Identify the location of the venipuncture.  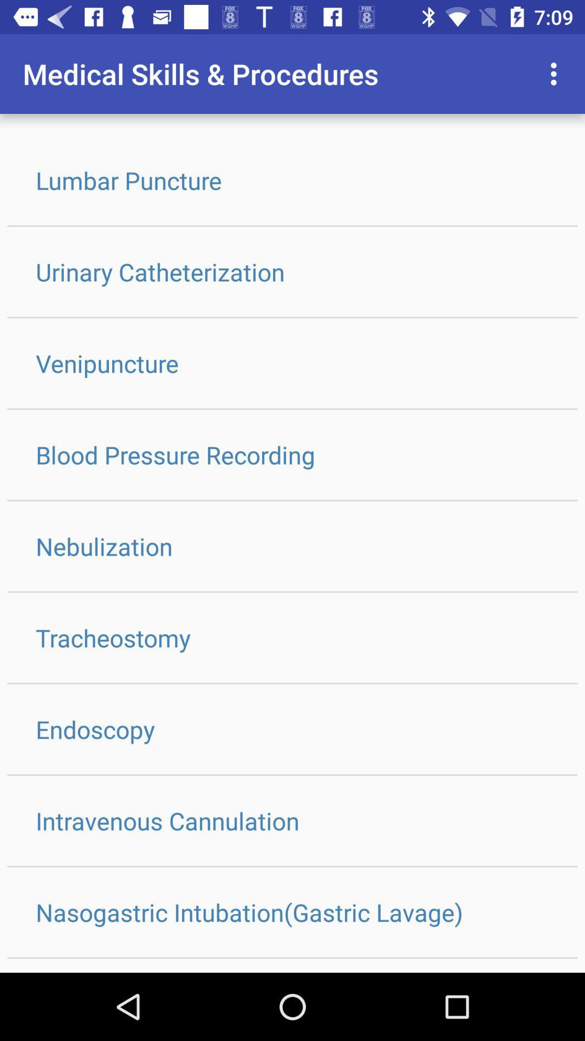
(292, 363).